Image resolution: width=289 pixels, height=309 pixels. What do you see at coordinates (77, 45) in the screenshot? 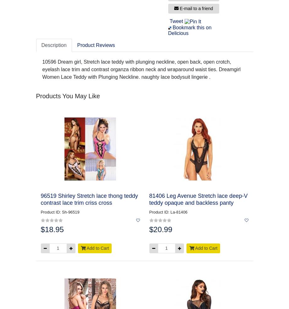
I see `'Product Reviews'` at bounding box center [77, 45].